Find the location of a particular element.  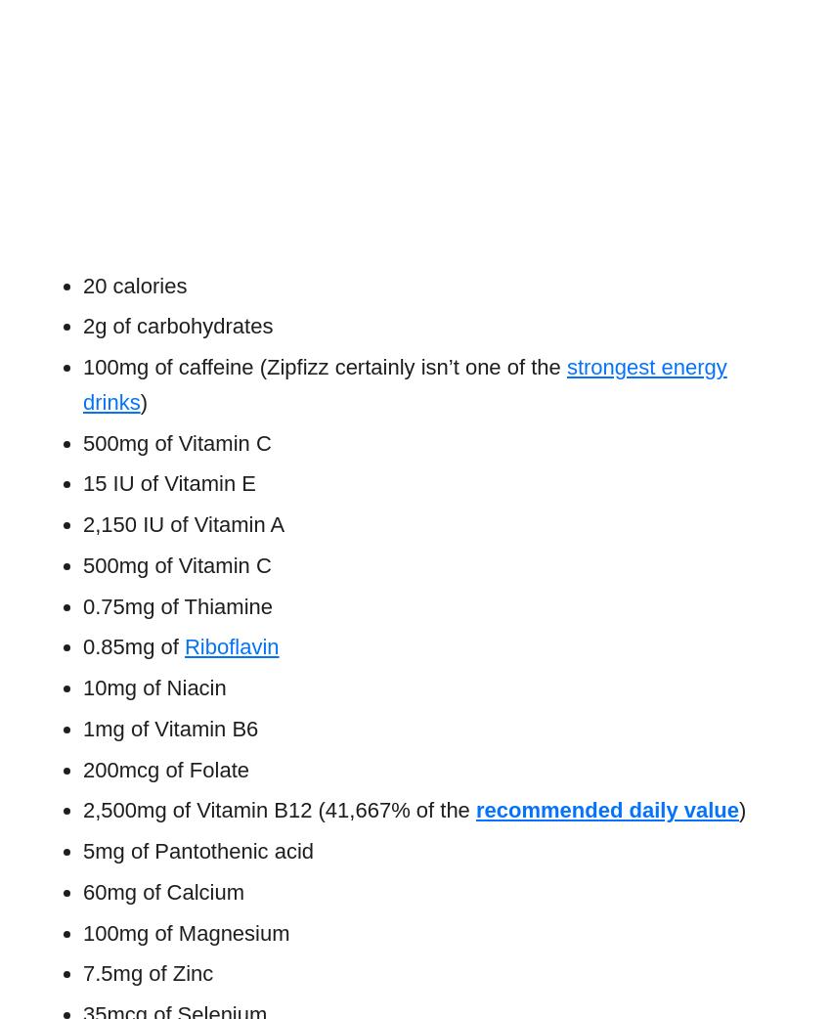

'60mg of Calcium' is located at coordinates (163, 890).